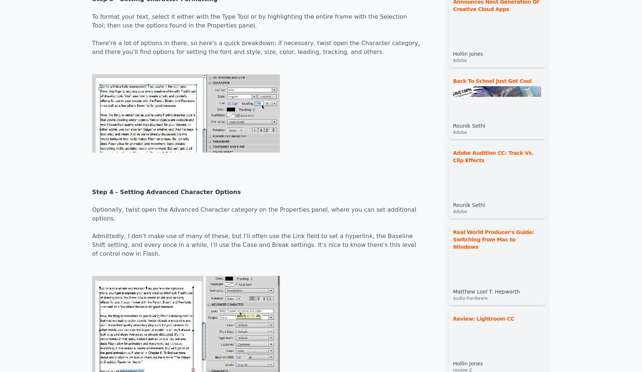 The height and width of the screenshot is (372, 642). What do you see at coordinates (493, 156) in the screenshot?
I see `'Adobe Audition CC: Track Vs. Clip Effects'` at bounding box center [493, 156].